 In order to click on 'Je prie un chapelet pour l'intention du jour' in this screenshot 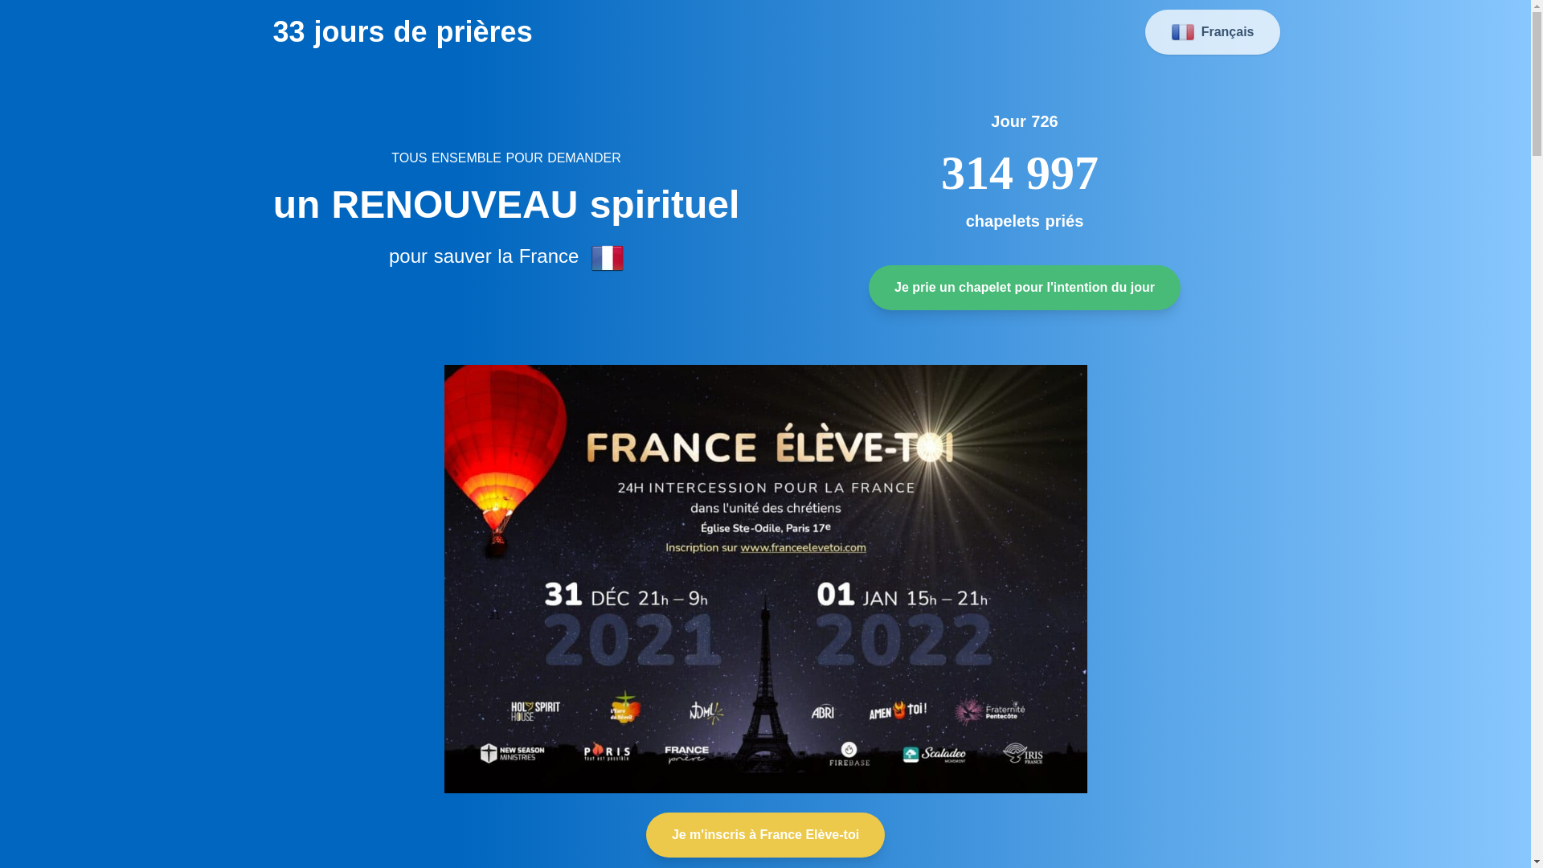, I will do `click(1024, 287)`.